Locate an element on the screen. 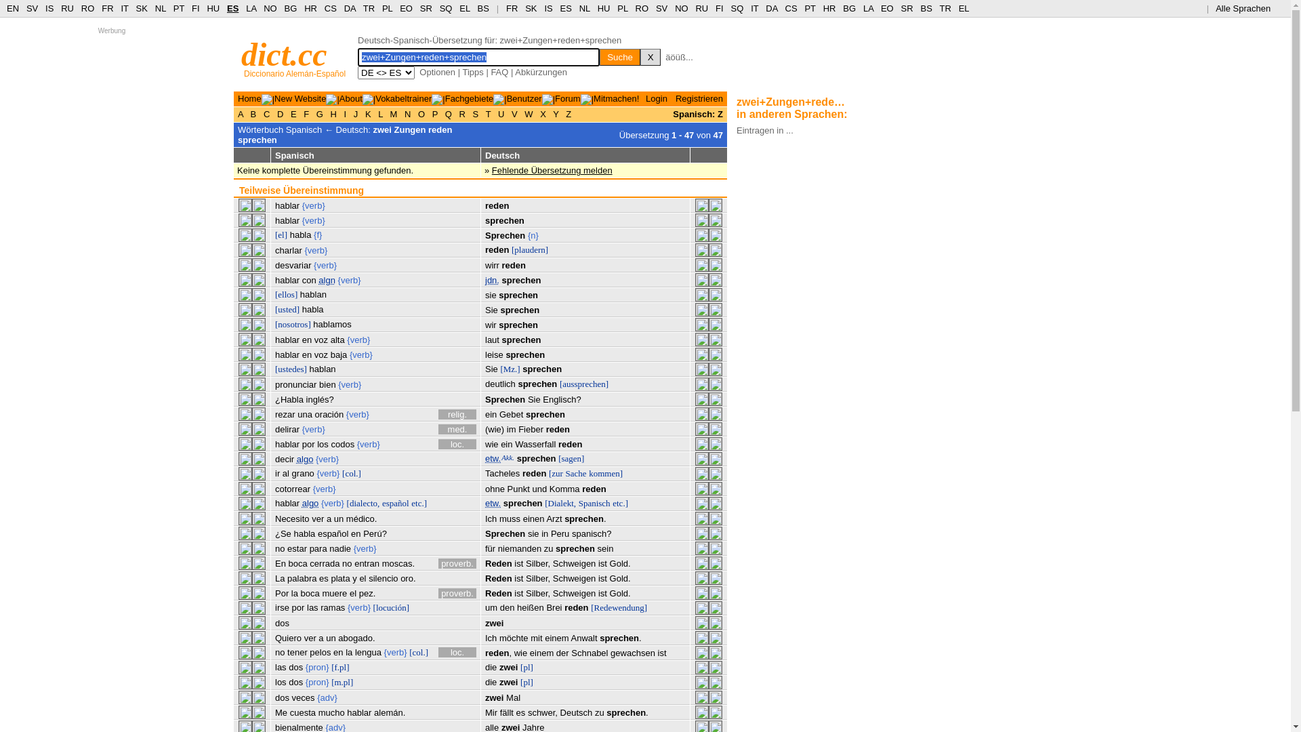 The height and width of the screenshot is (732, 1301). 'BS' is located at coordinates (483, 8).